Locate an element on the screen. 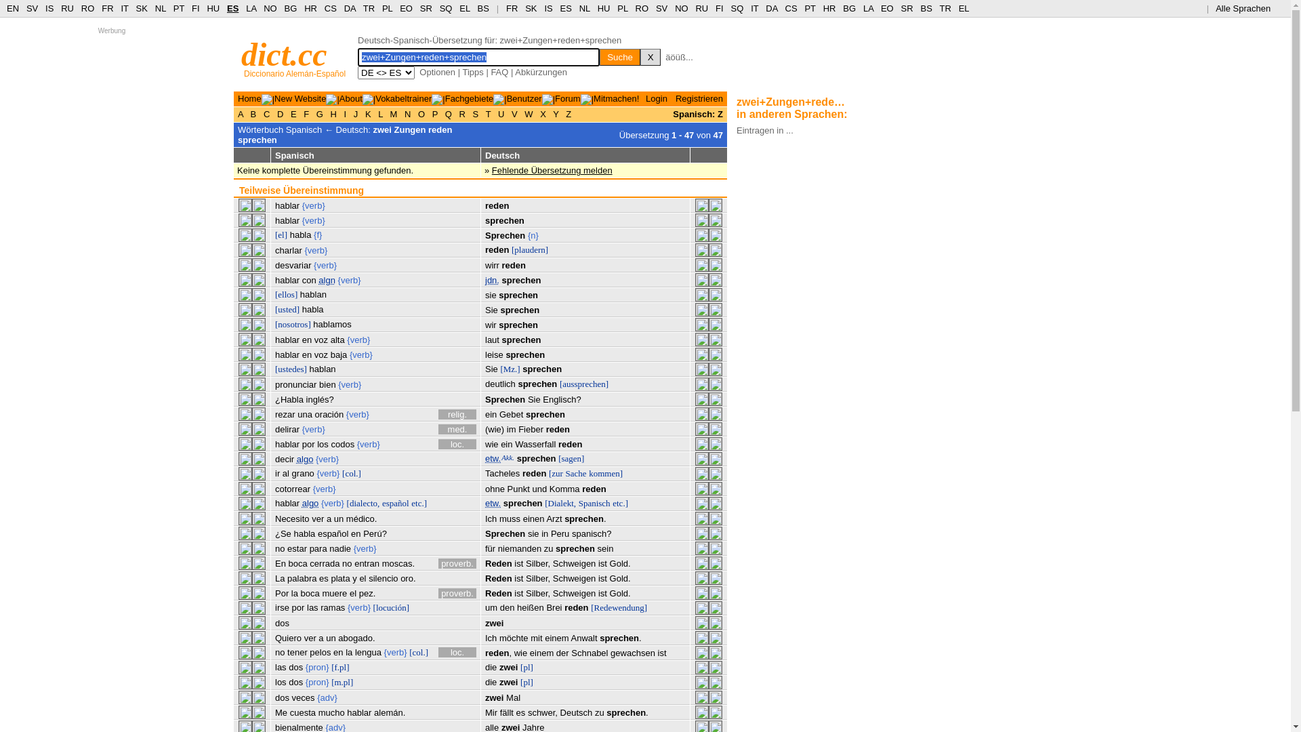 The height and width of the screenshot is (732, 1301). 'BS' is located at coordinates (483, 8).